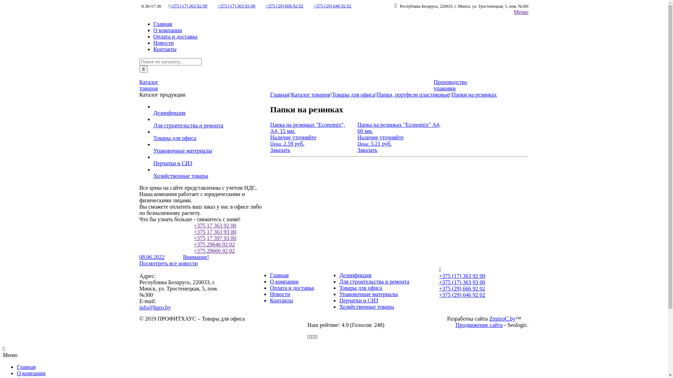 The image size is (673, 378). Describe the element at coordinates (215, 225) in the screenshot. I see `'+375 17 363 92 00'` at that location.